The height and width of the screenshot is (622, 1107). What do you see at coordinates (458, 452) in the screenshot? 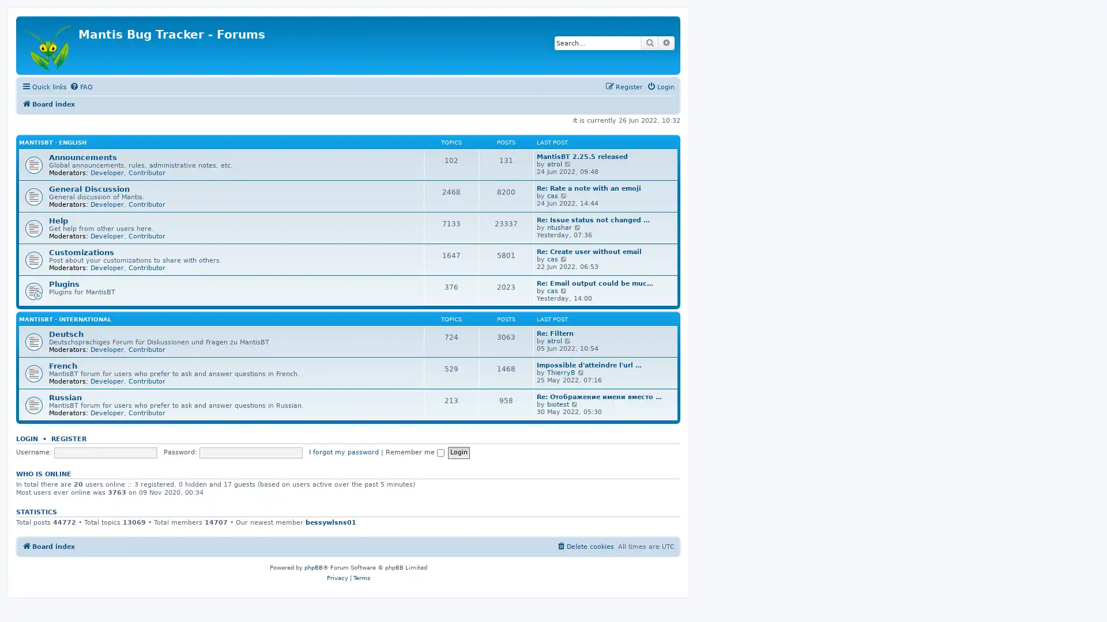
I see `Login` at bounding box center [458, 452].